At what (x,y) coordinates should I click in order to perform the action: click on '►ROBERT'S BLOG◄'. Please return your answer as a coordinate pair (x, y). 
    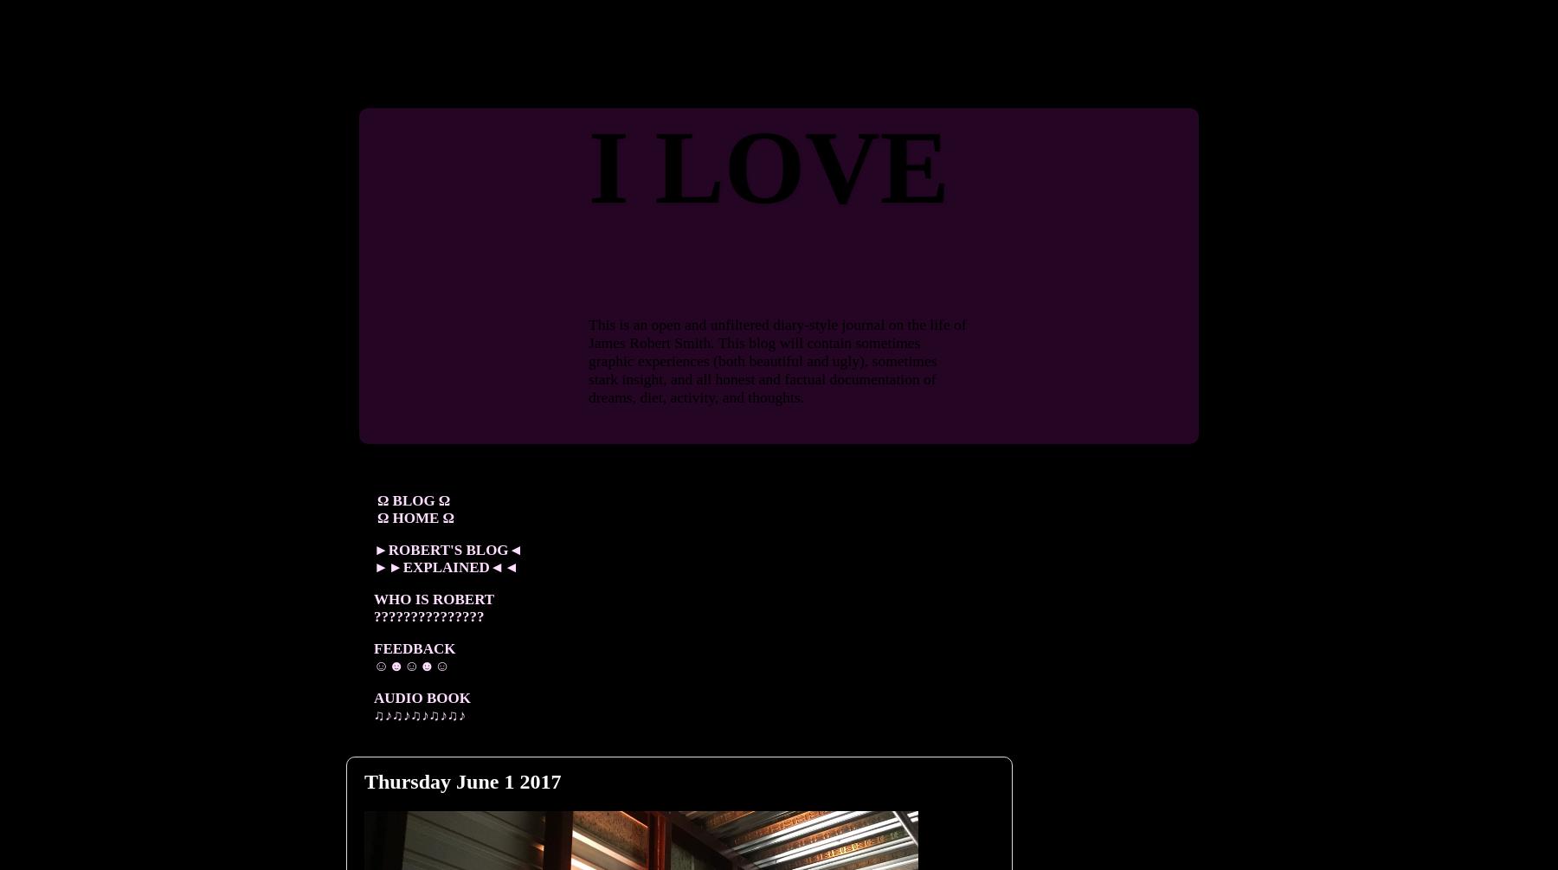
    Looking at the image, I should click on (447, 548).